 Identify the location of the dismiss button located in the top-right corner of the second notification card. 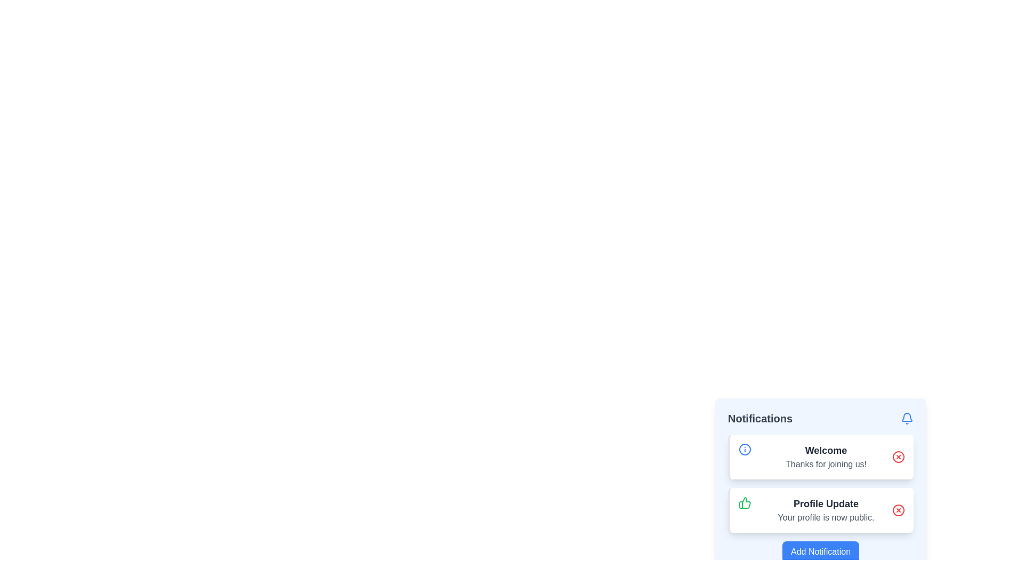
(898, 509).